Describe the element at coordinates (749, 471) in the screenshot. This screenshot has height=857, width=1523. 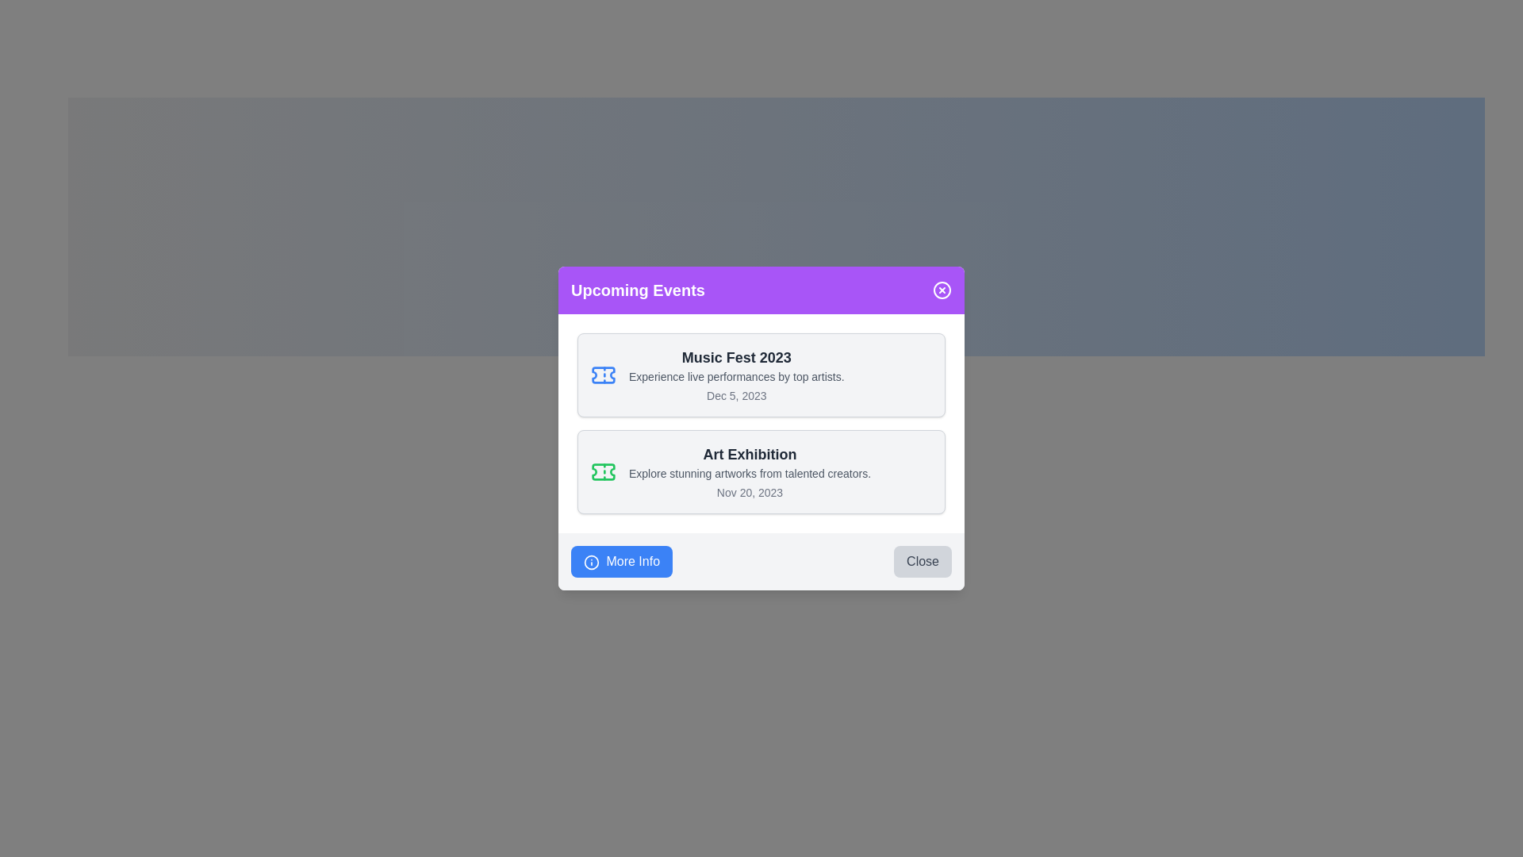
I see `the text block providing information about an upcoming event, located in the bottom section of a card-like structure with a light gray background and rounded corners` at that location.